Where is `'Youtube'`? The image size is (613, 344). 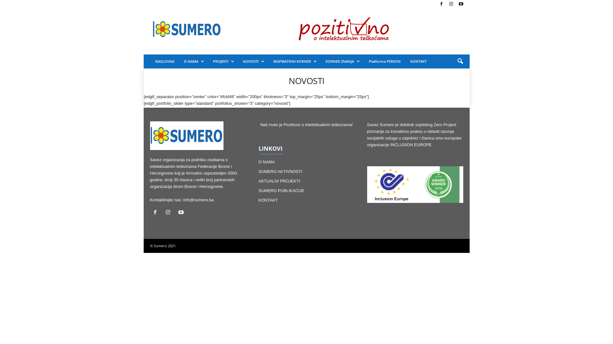 'Youtube' is located at coordinates (181, 213).